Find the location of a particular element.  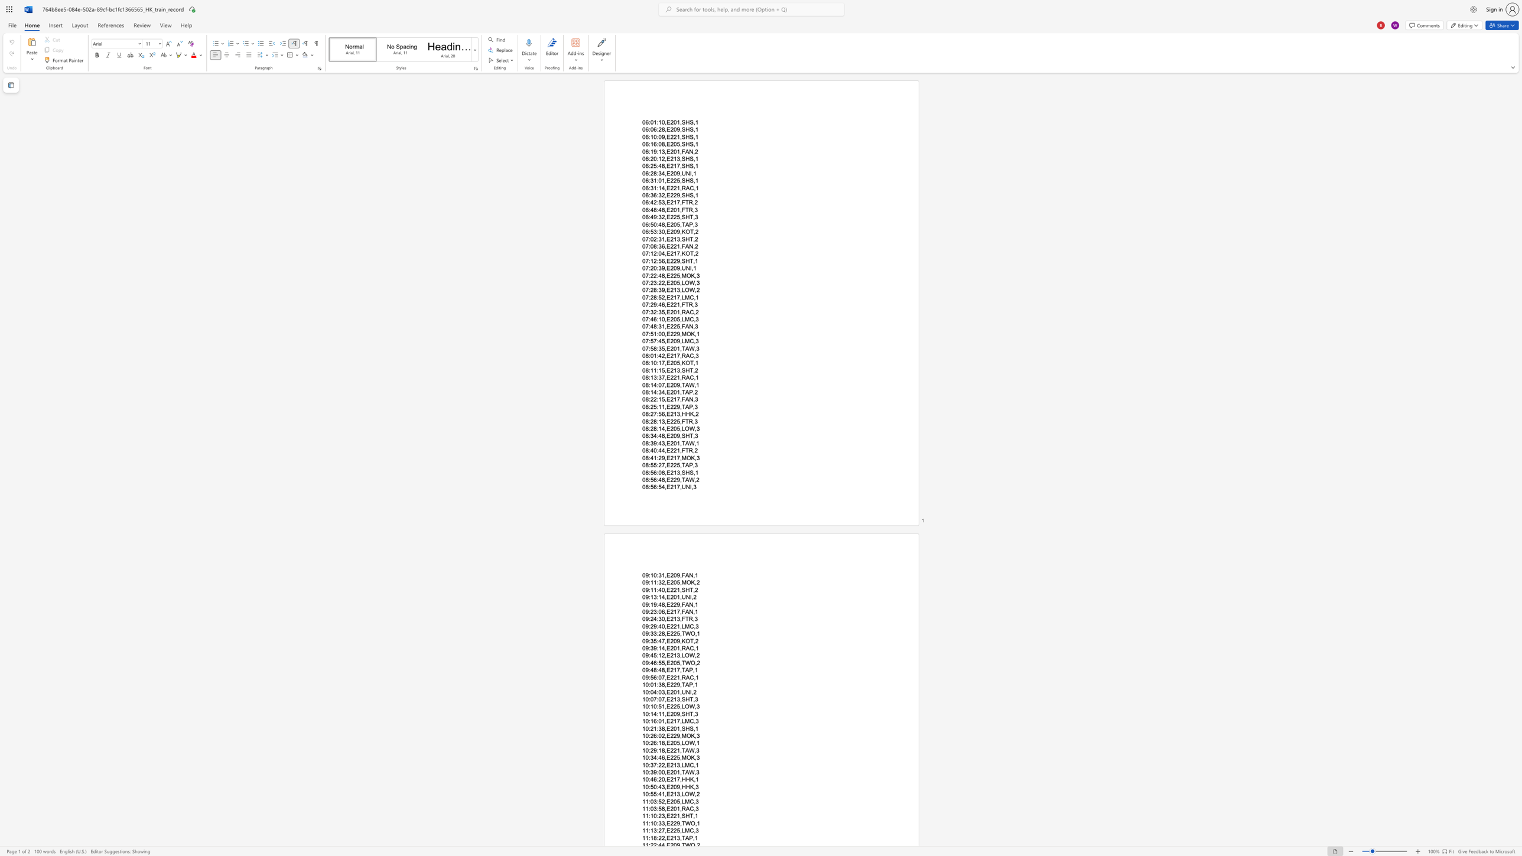

the space between the continuous character "3" and "," in the text is located at coordinates (679, 837).